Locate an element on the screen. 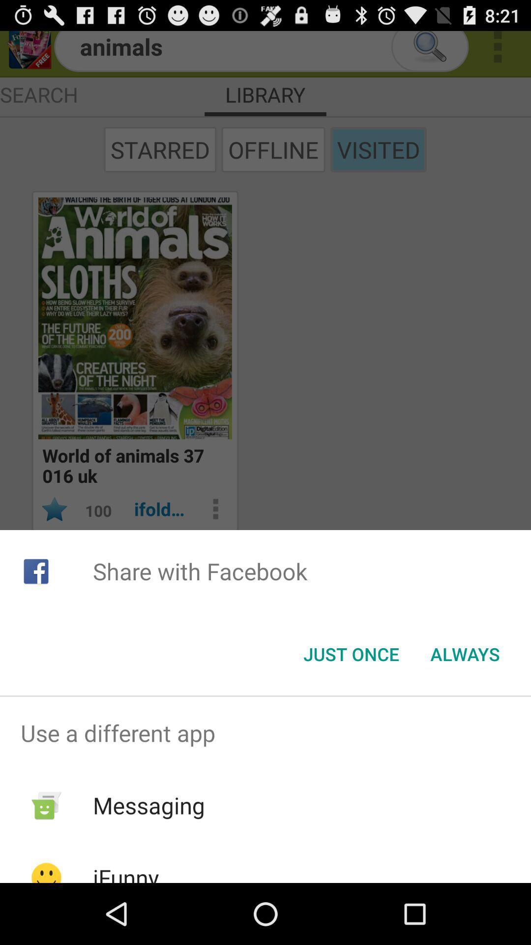 The image size is (531, 945). always icon is located at coordinates (465, 654).